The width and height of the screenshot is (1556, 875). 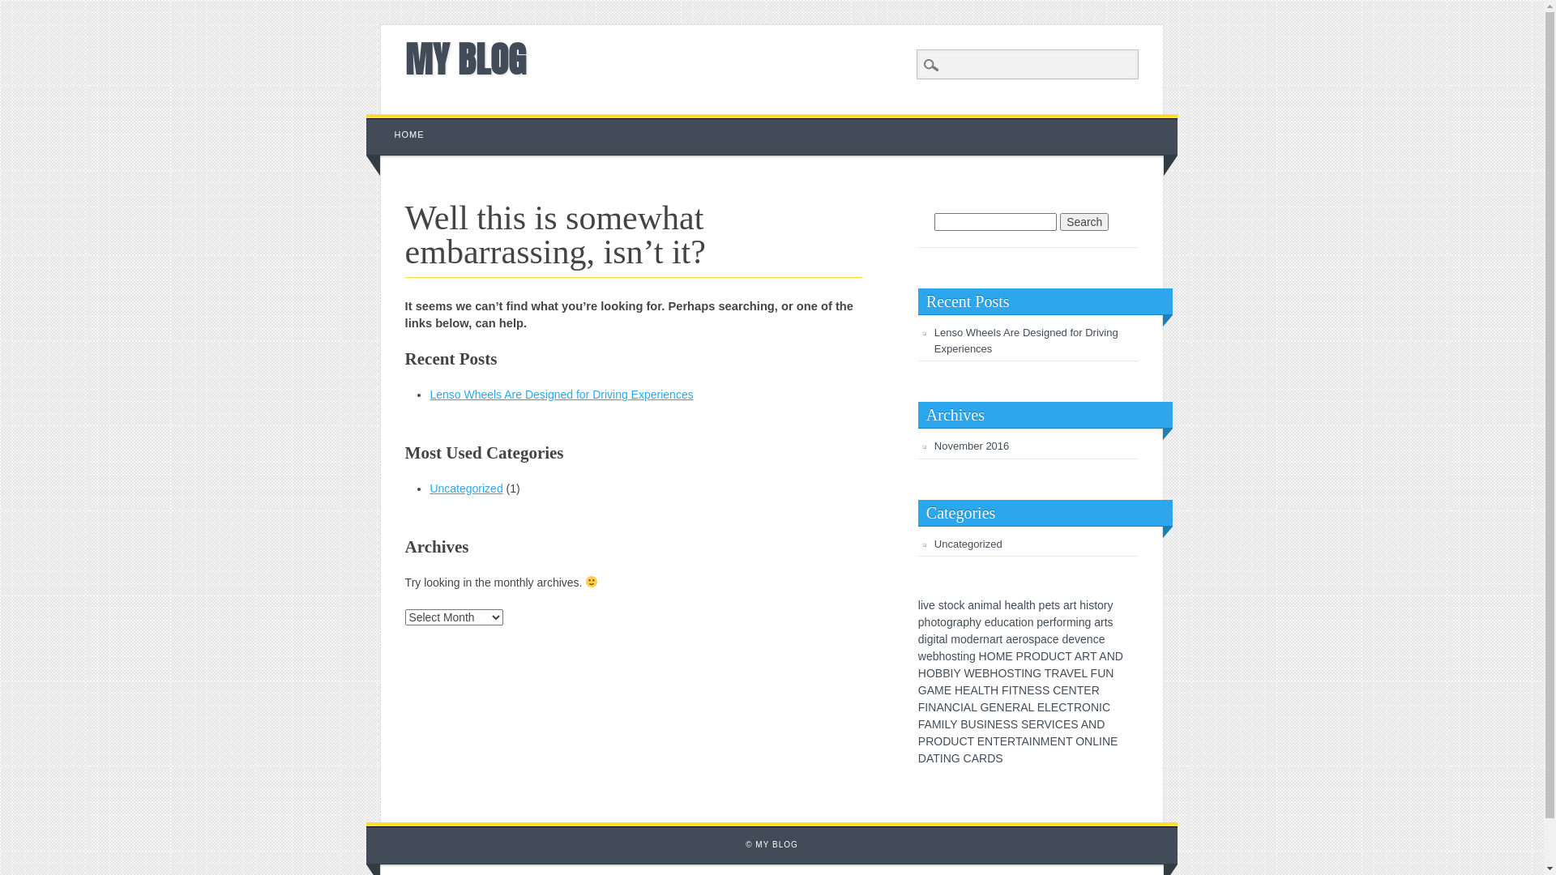 I want to click on 'n', so click(x=1081, y=621).